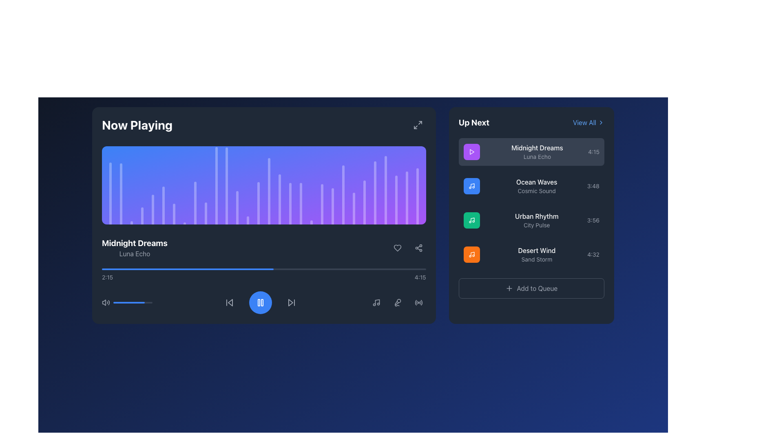 Image resolution: width=783 pixels, height=440 pixels. What do you see at coordinates (142, 303) in the screenshot?
I see `the volume` at bounding box center [142, 303].